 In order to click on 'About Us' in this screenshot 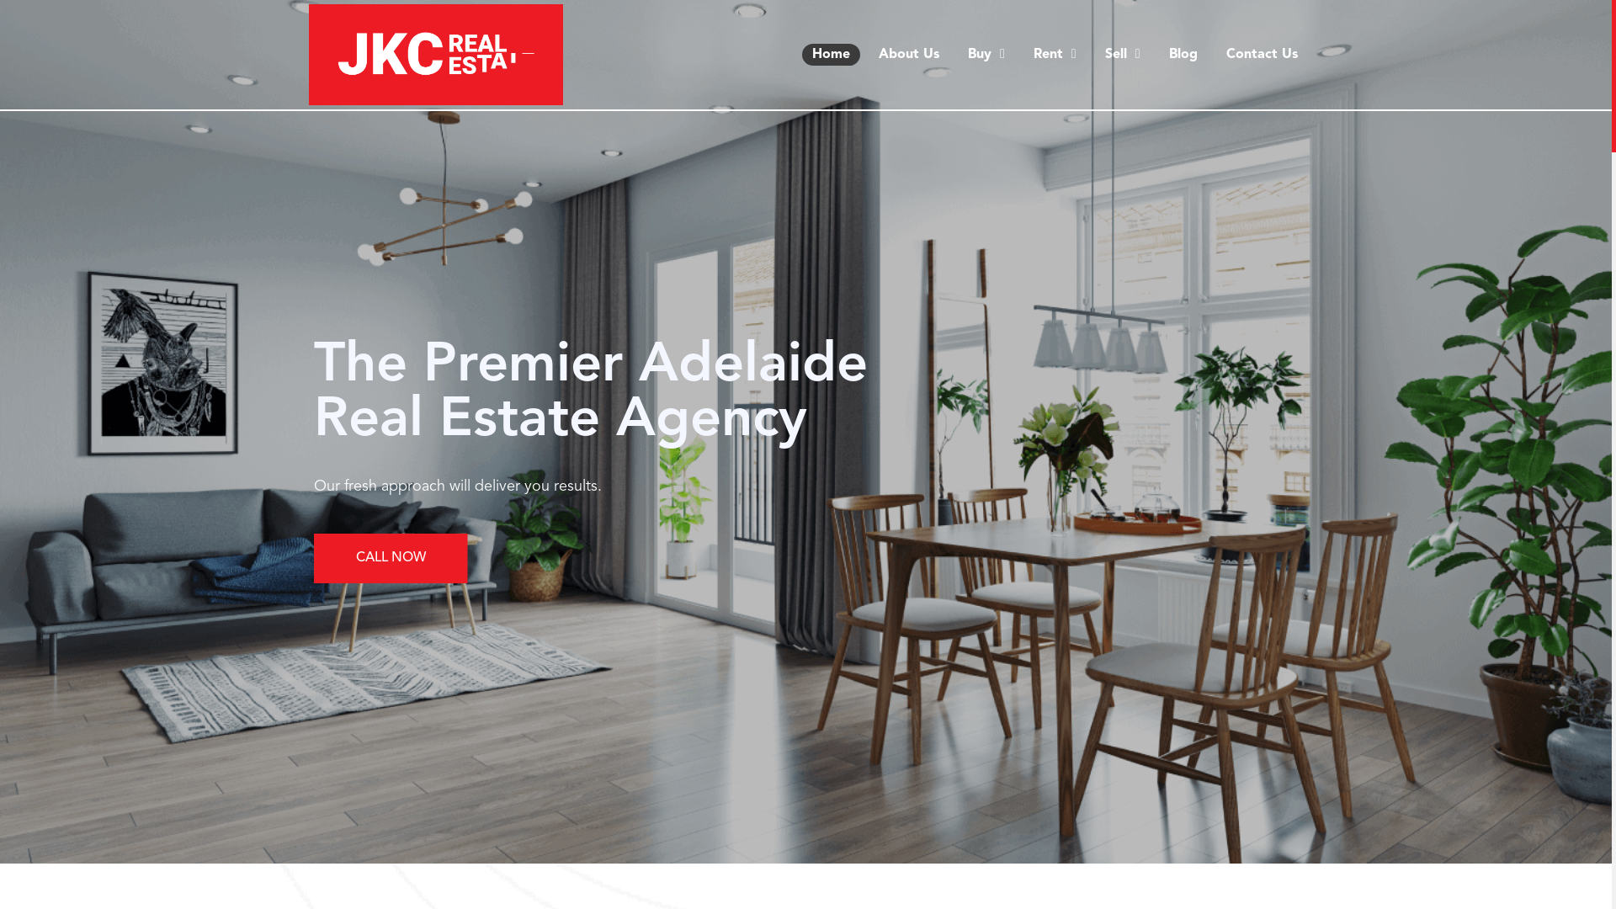, I will do `click(908, 54)`.